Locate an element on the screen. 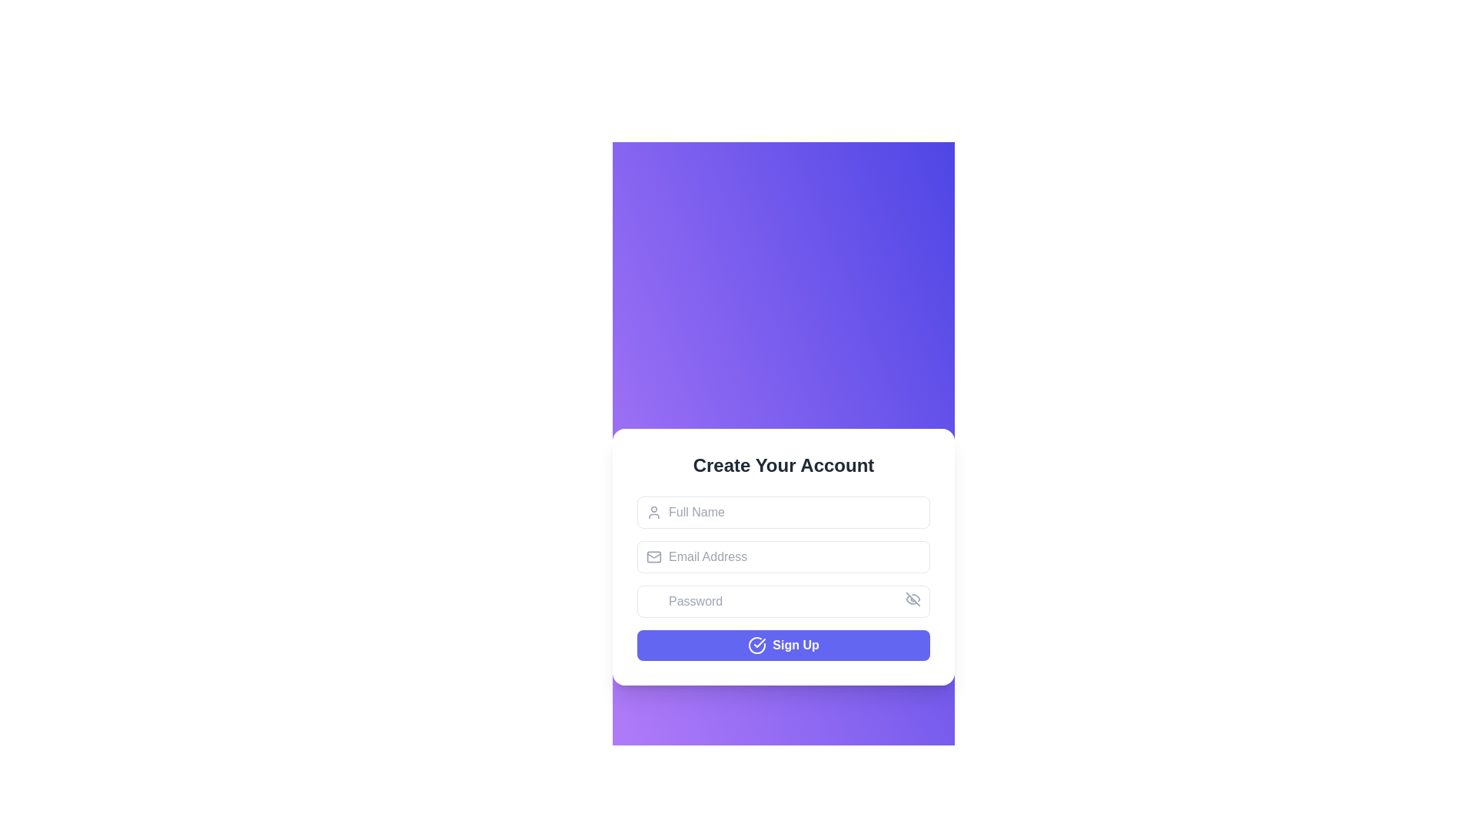 This screenshot has height=830, width=1476. the small gray mail icon located inside the 'Email Address' input field, towards the left side is located at coordinates (653, 556).